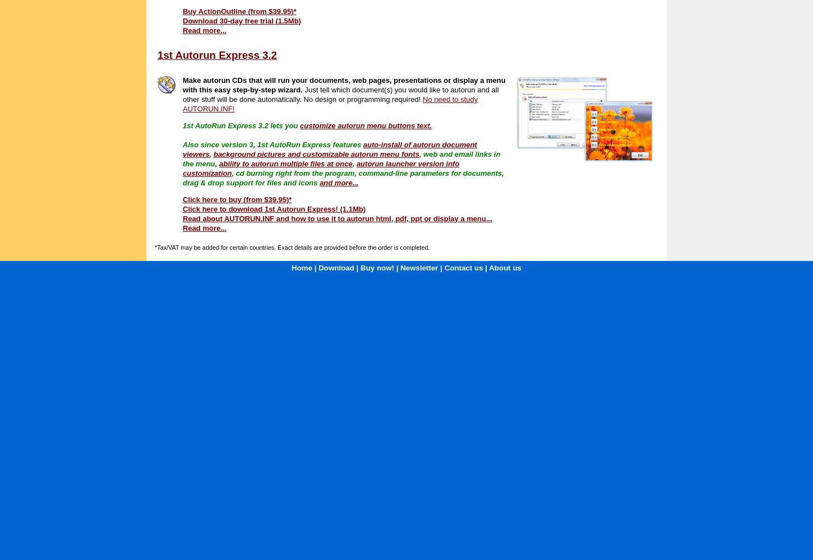 The height and width of the screenshot is (560, 813). I want to click on 'autorun launcher version info customization', so click(321, 168).